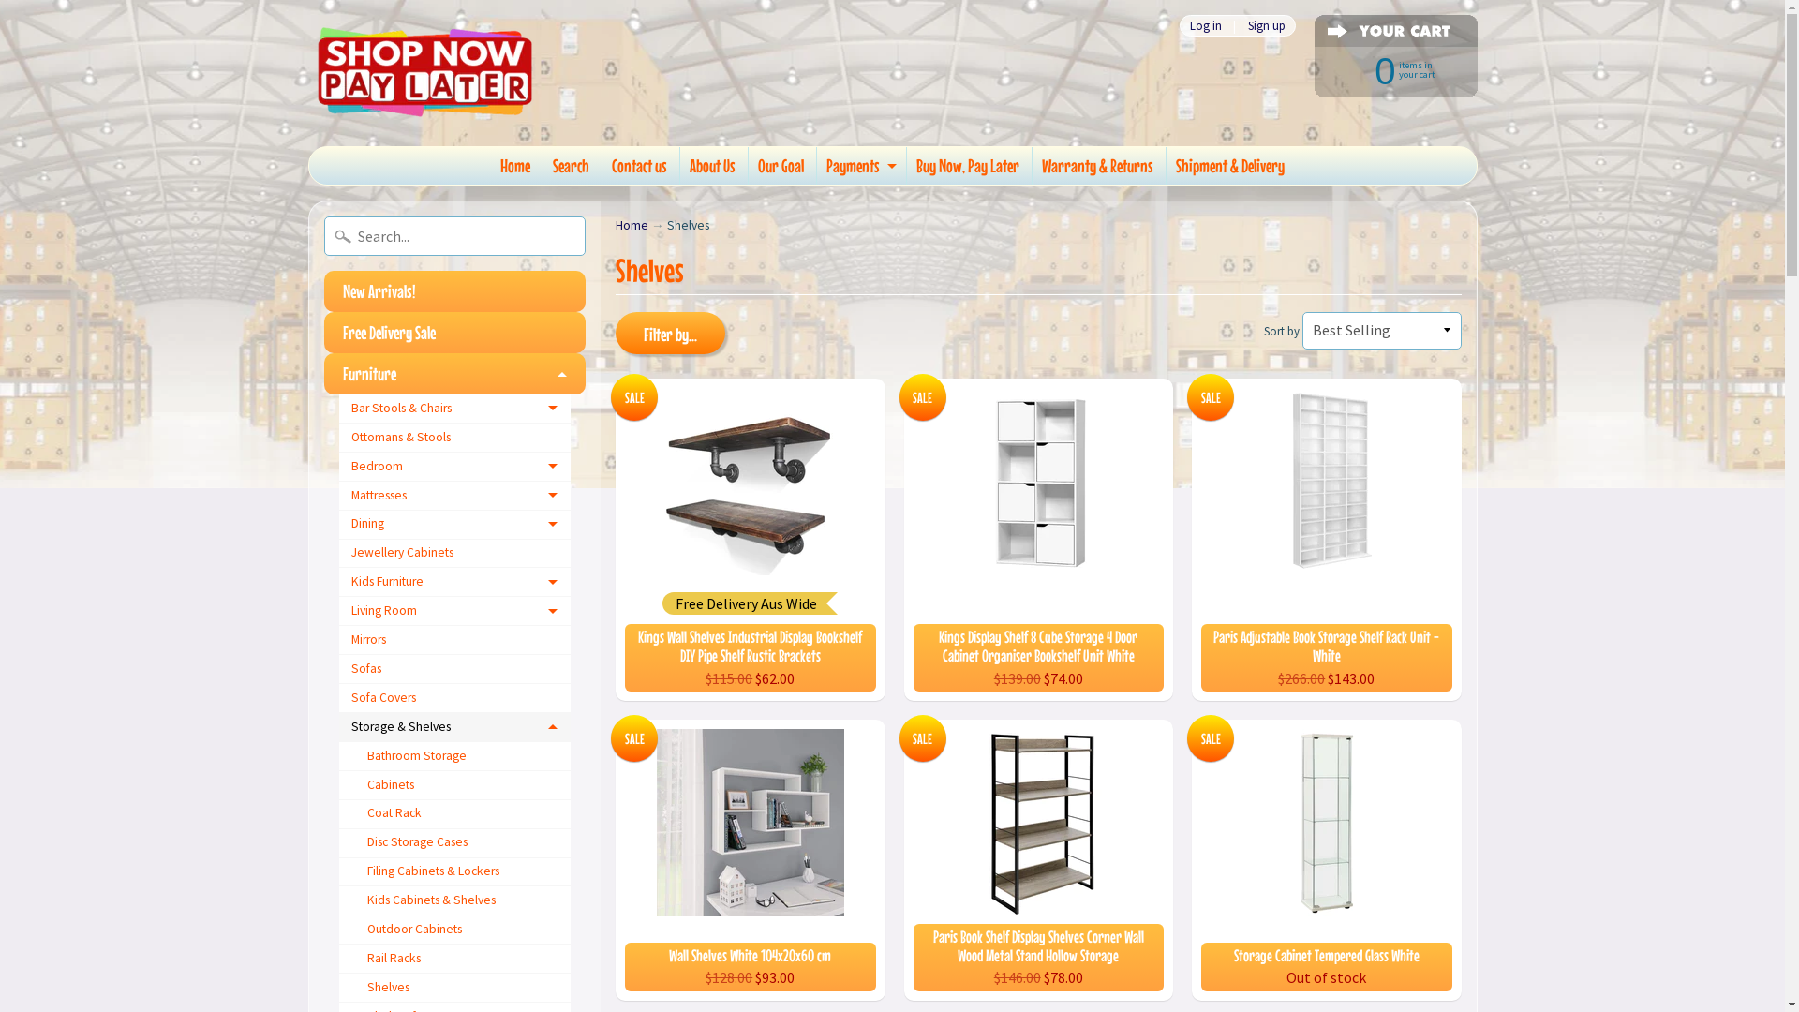 The height and width of the screenshot is (1012, 1799). What do you see at coordinates (454, 291) in the screenshot?
I see `'New Arrivals!'` at bounding box center [454, 291].